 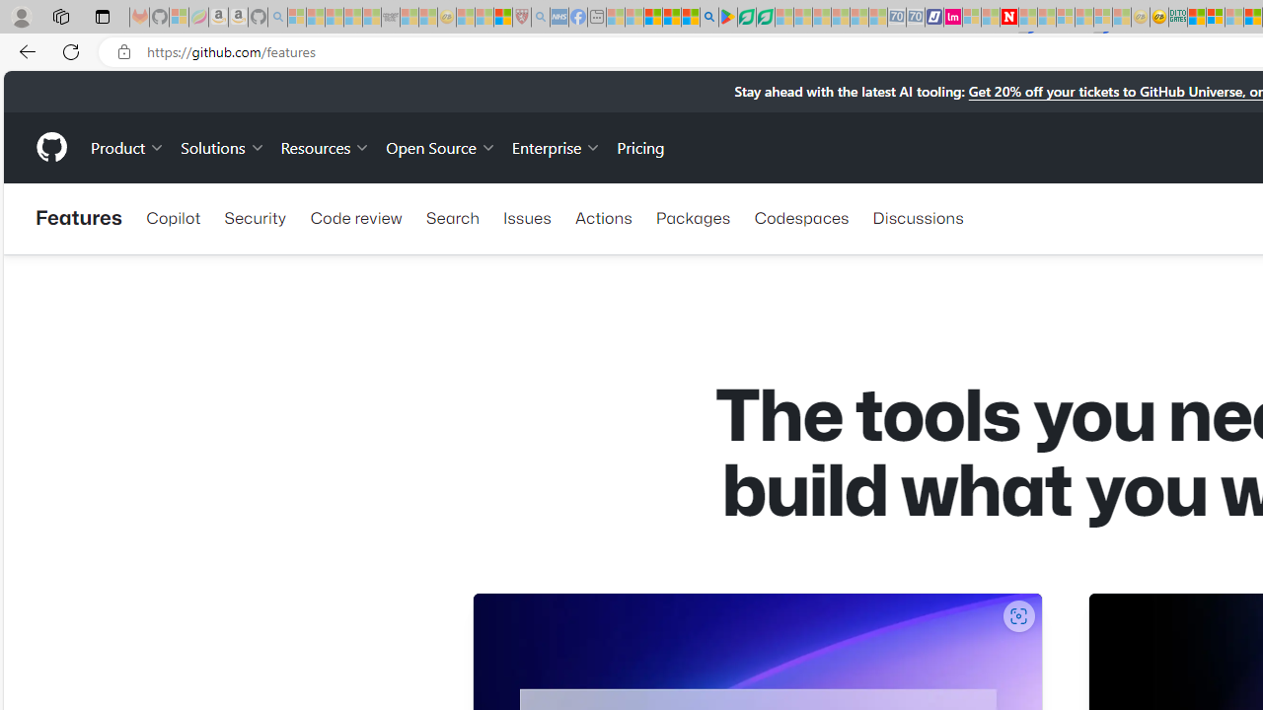 I want to click on 'Pricing', so click(x=640, y=146).